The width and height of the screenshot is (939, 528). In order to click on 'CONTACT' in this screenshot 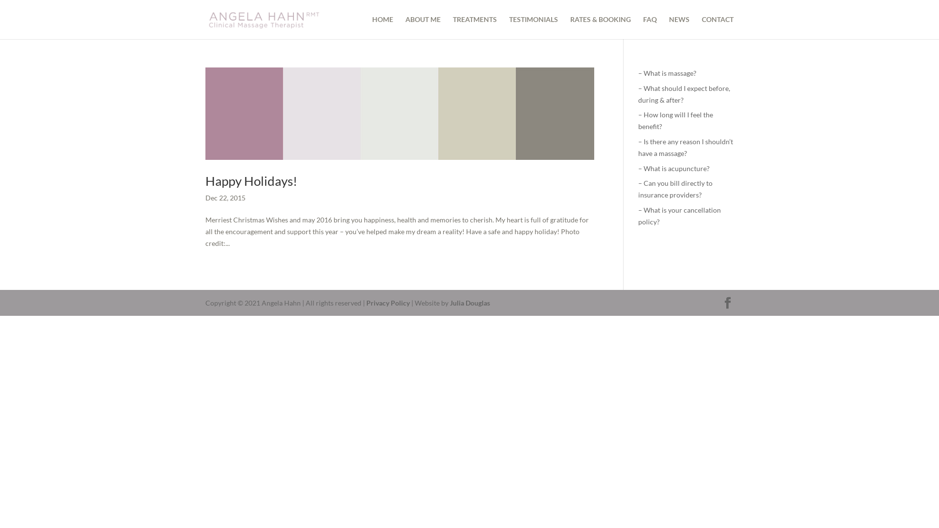, I will do `click(717, 27)`.